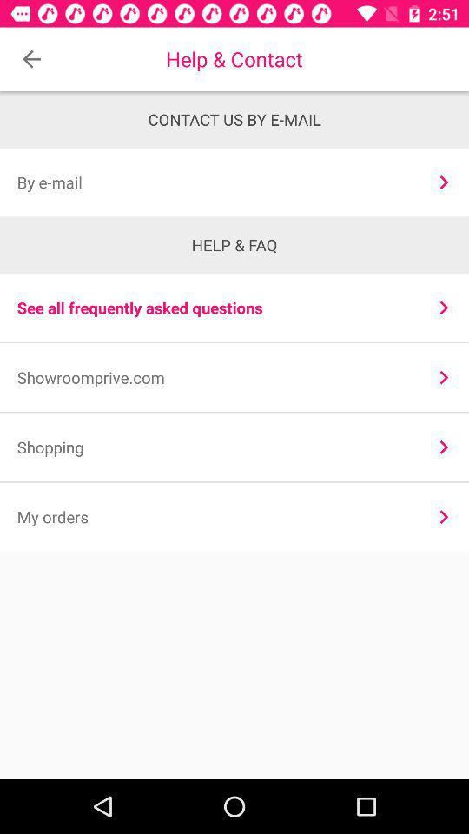 Image resolution: width=469 pixels, height=834 pixels. What do you see at coordinates (215, 377) in the screenshot?
I see `the icon below the see all frequently item` at bounding box center [215, 377].